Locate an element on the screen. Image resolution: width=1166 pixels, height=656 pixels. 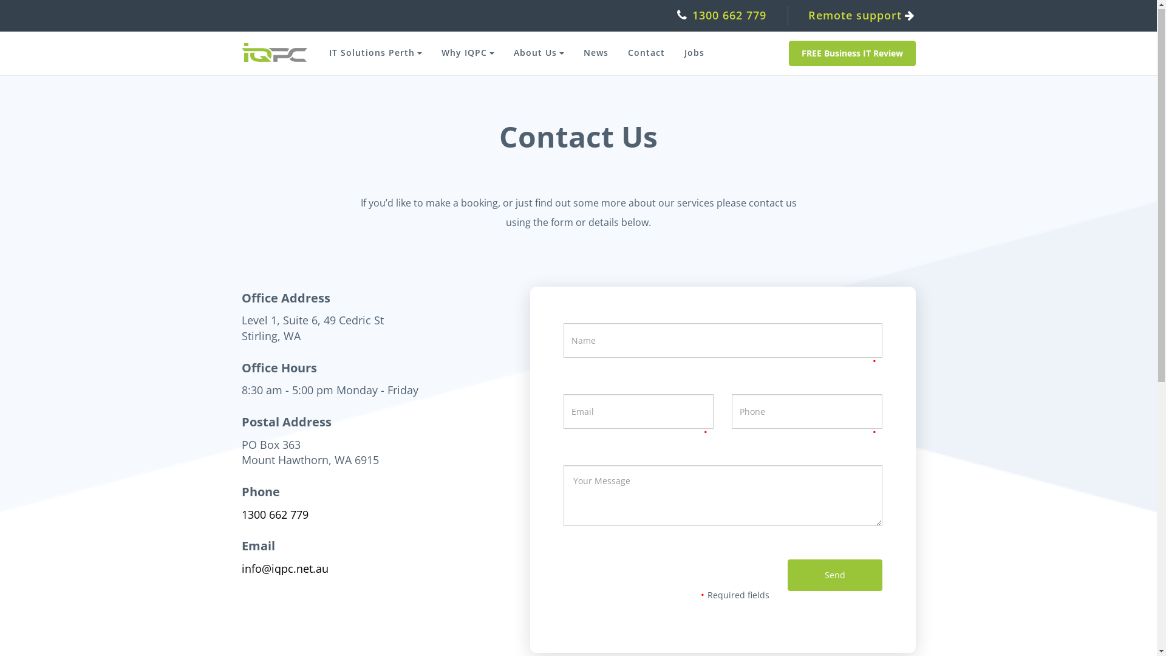
'info@iqpc.net.au' is located at coordinates (284, 569).